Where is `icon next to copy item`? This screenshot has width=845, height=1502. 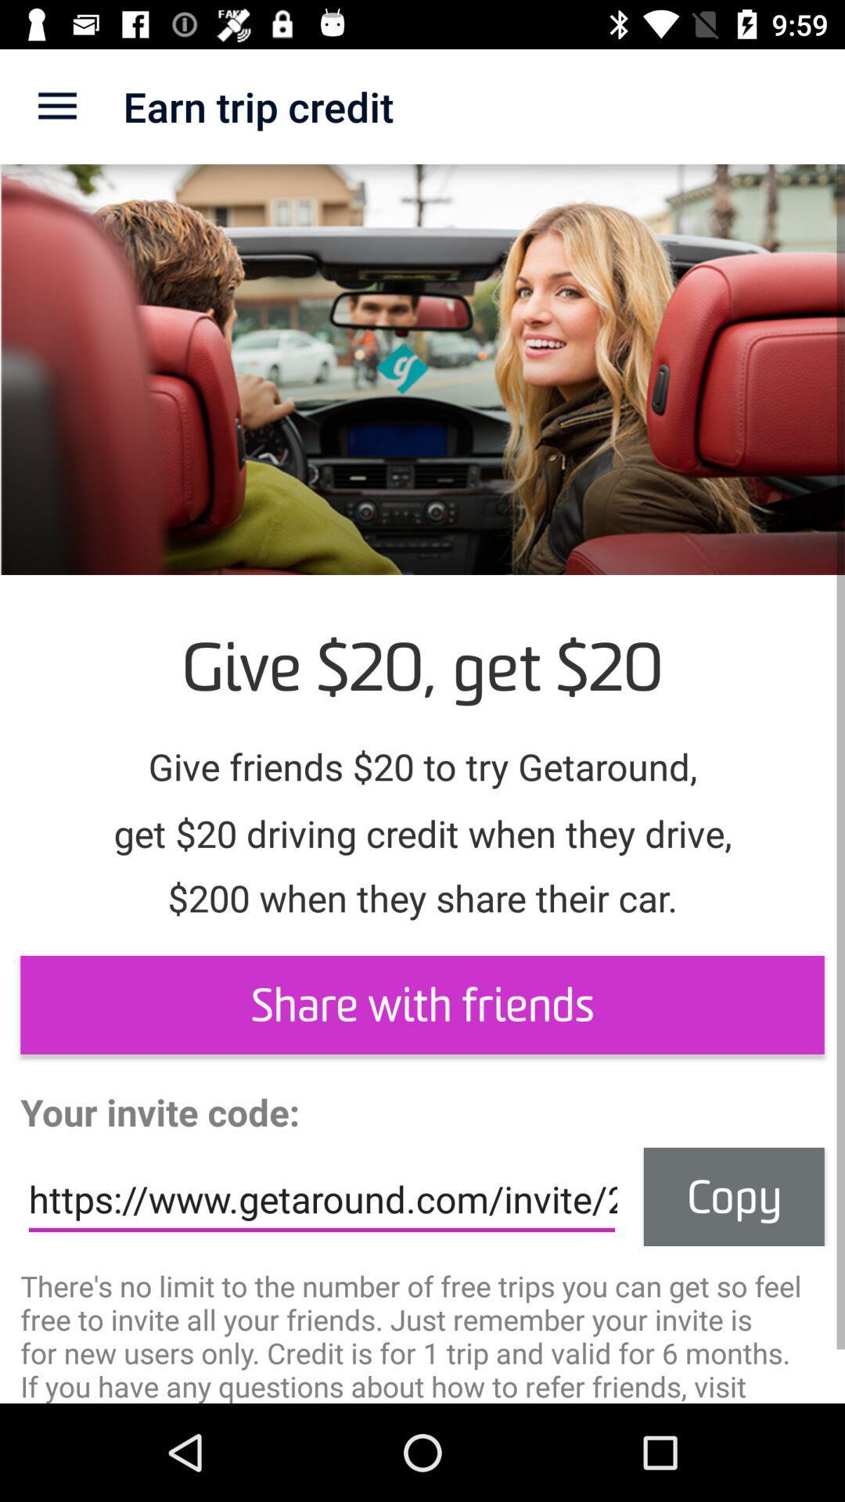
icon next to copy item is located at coordinates (321, 1198).